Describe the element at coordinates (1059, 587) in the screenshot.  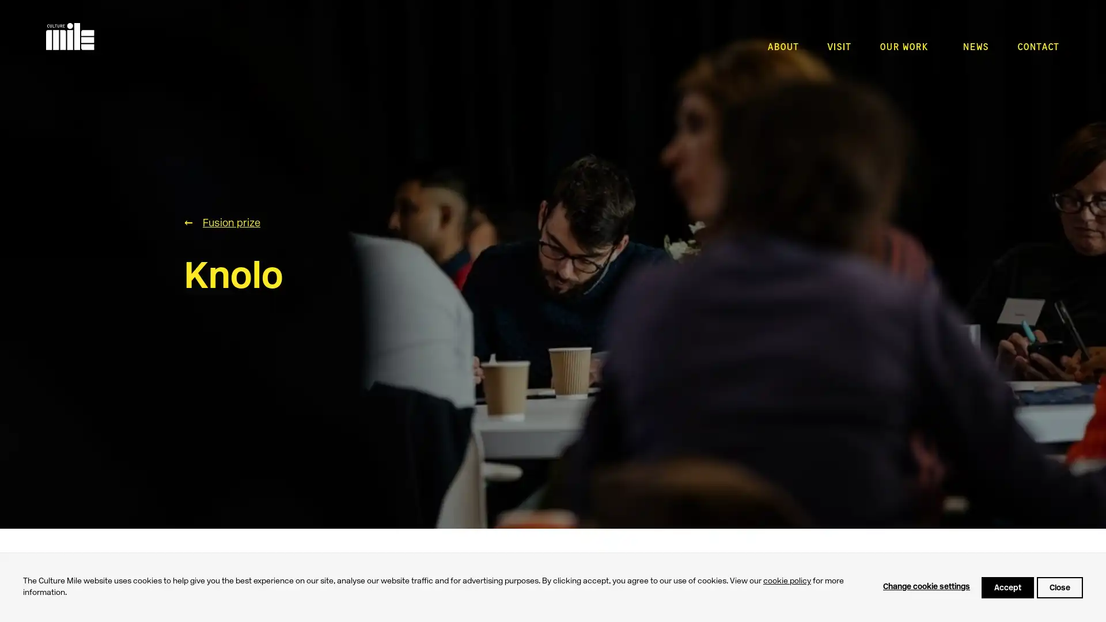
I see `Close` at that location.